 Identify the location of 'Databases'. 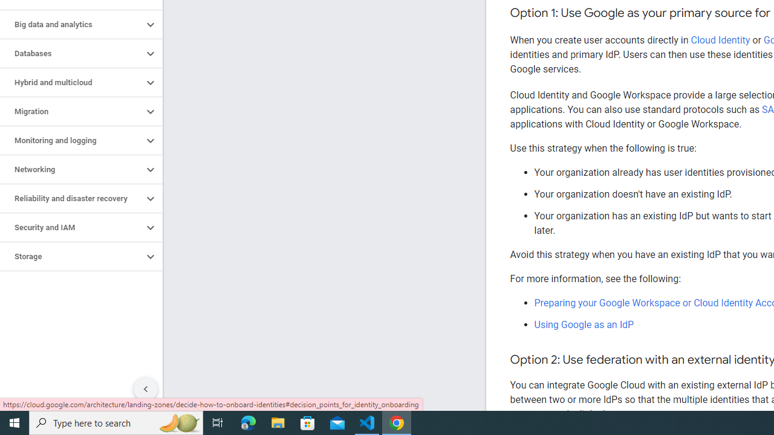
(71, 53).